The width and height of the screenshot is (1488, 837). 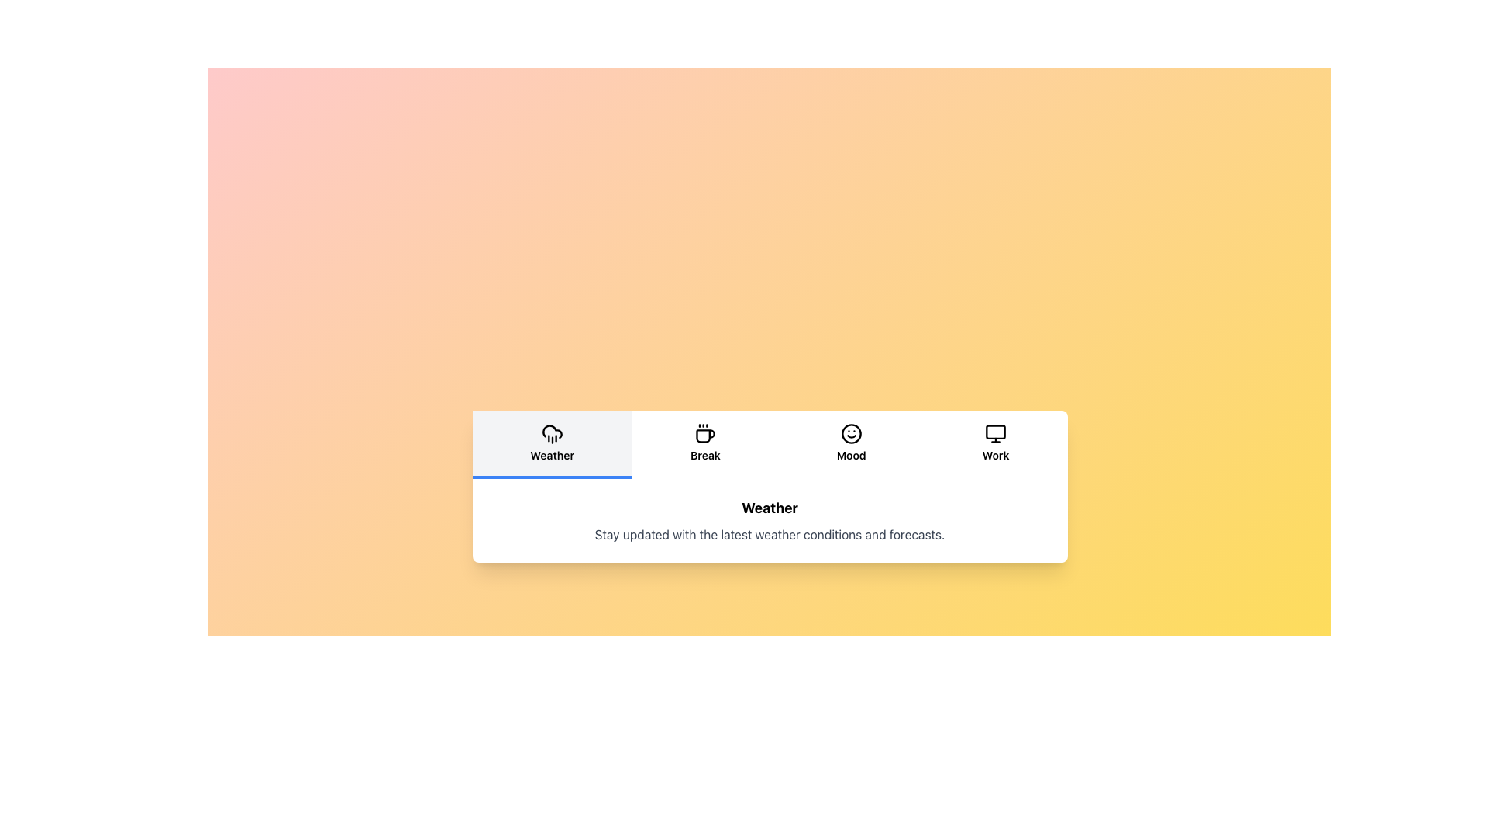 What do you see at coordinates (850, 433) in the screenshot?
I see `the central circular part of the smiley face icon representing the 'Mood' option in the menu, which is the third icon in a horizontal menu bar` at bounding box center [850, 433].